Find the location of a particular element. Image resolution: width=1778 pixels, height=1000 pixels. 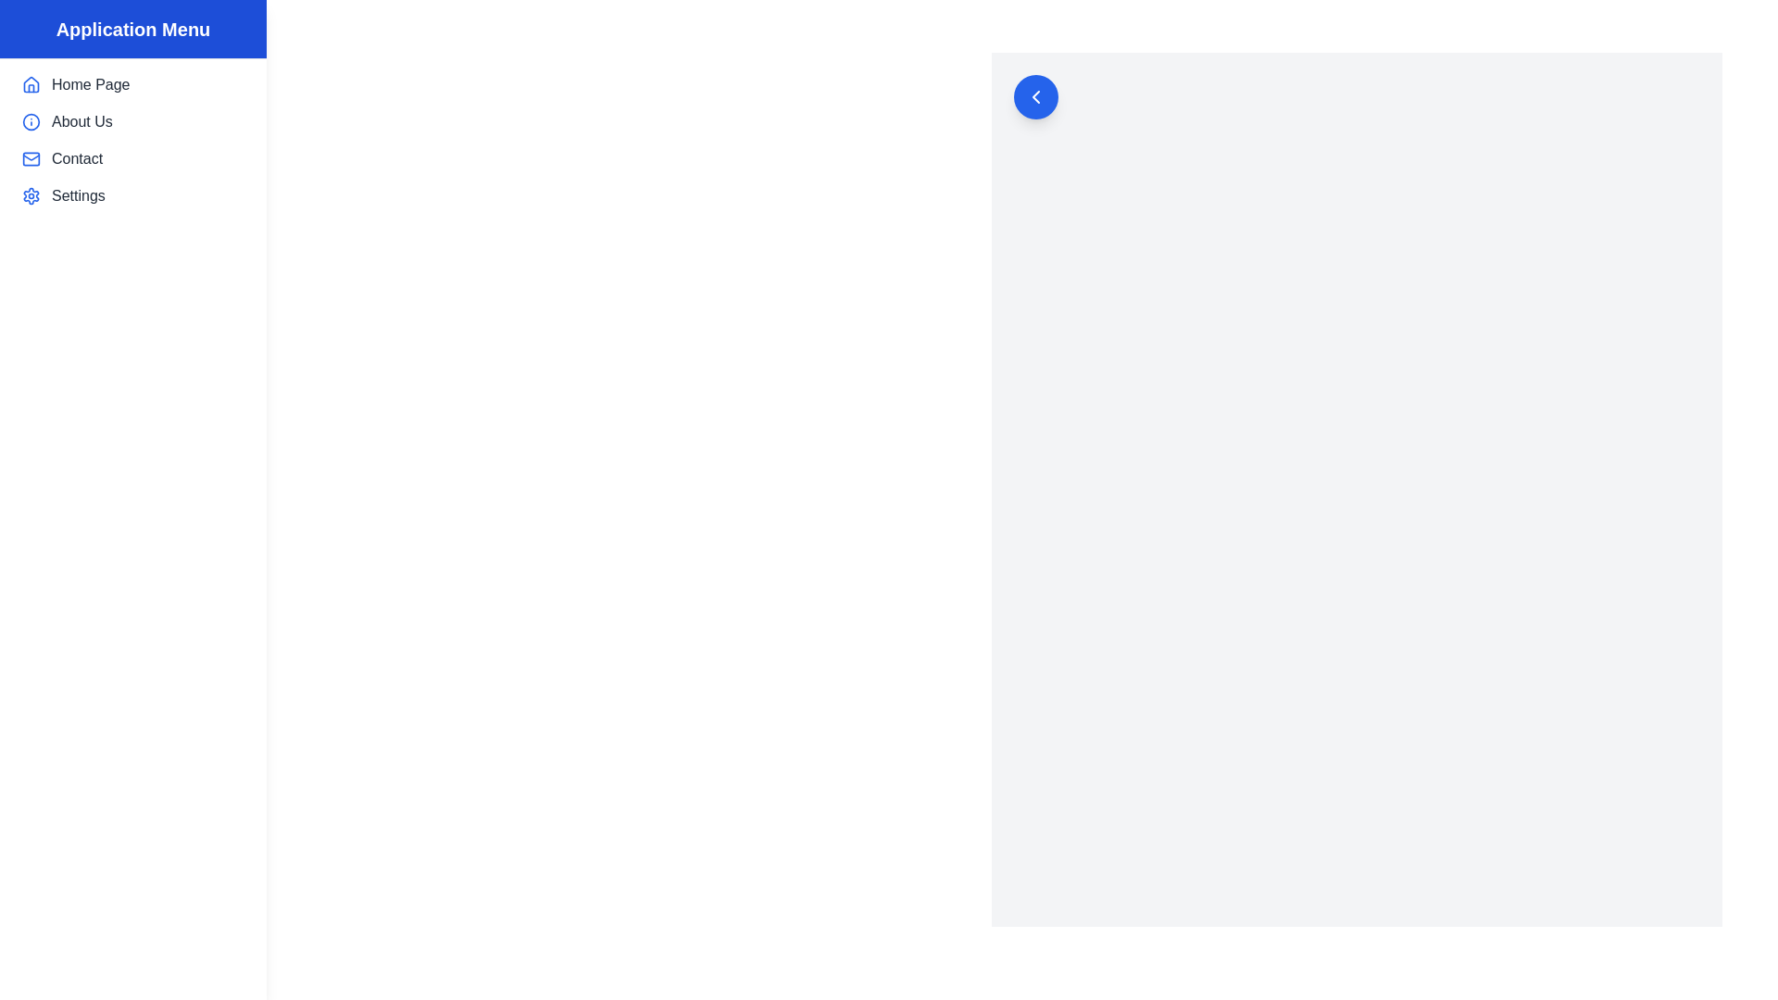

the house-shaped blue icon in the Application Menu is located at coordinates (31, 85).